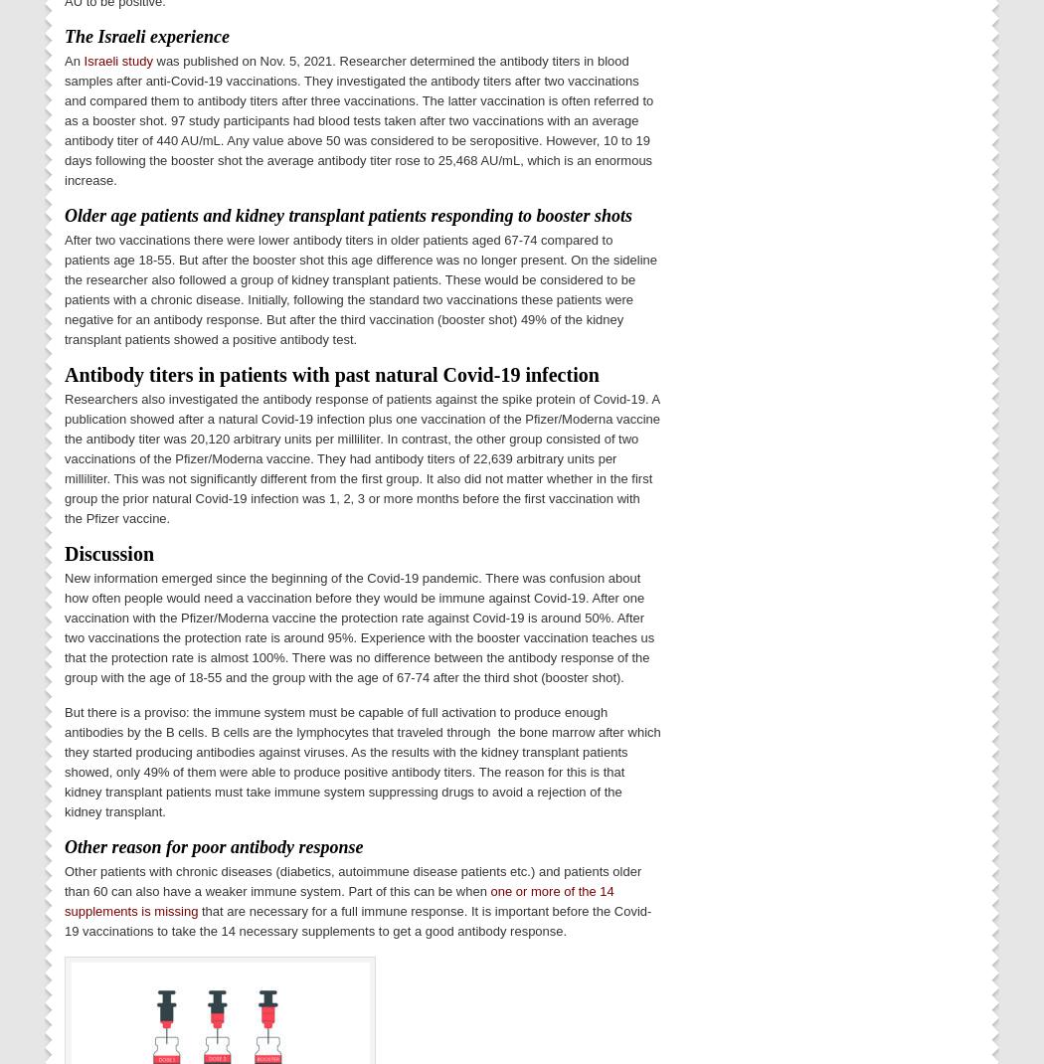  I want to click on 'But there is a proviso: the immune system must be capable of full activation to produce enough antibodies by the B cells. B cells are the lymphocytes that traveled through  the bone marrow after which they started producing antibodies against viruses. As the results with the kidney transplant patients showed, only 49% of them were able to produce positive antibody titers. The reason for this is that kidney transplant patients must take immune system suppressing drugs to avoid a rejection of the kidney transplant.', so click(361, 760).